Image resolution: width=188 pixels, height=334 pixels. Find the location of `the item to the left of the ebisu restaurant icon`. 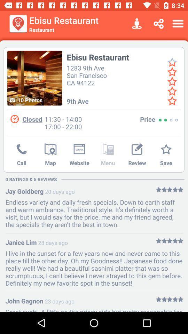

the item to the left of the ebisu restaurant icon is located at coordinates (34, 78).